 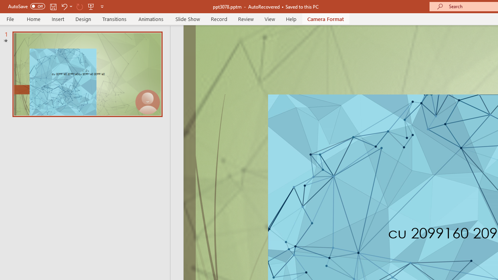 What do you see at coordinates (326, 19) in the screenshot?
I see `'Camera Format'` at bounding box center [326, 19].